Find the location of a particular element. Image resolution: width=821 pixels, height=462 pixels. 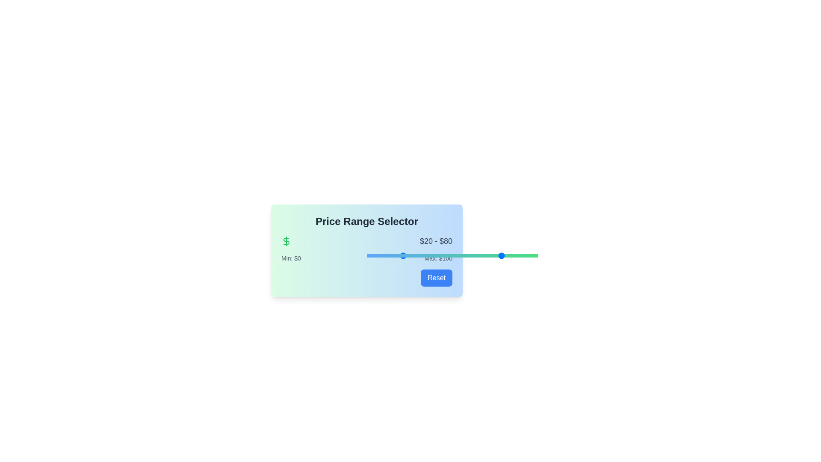

the text label displaying '$20 - $80', which is located on the far-right side of the price slider component is located at coordinates (436, 241).